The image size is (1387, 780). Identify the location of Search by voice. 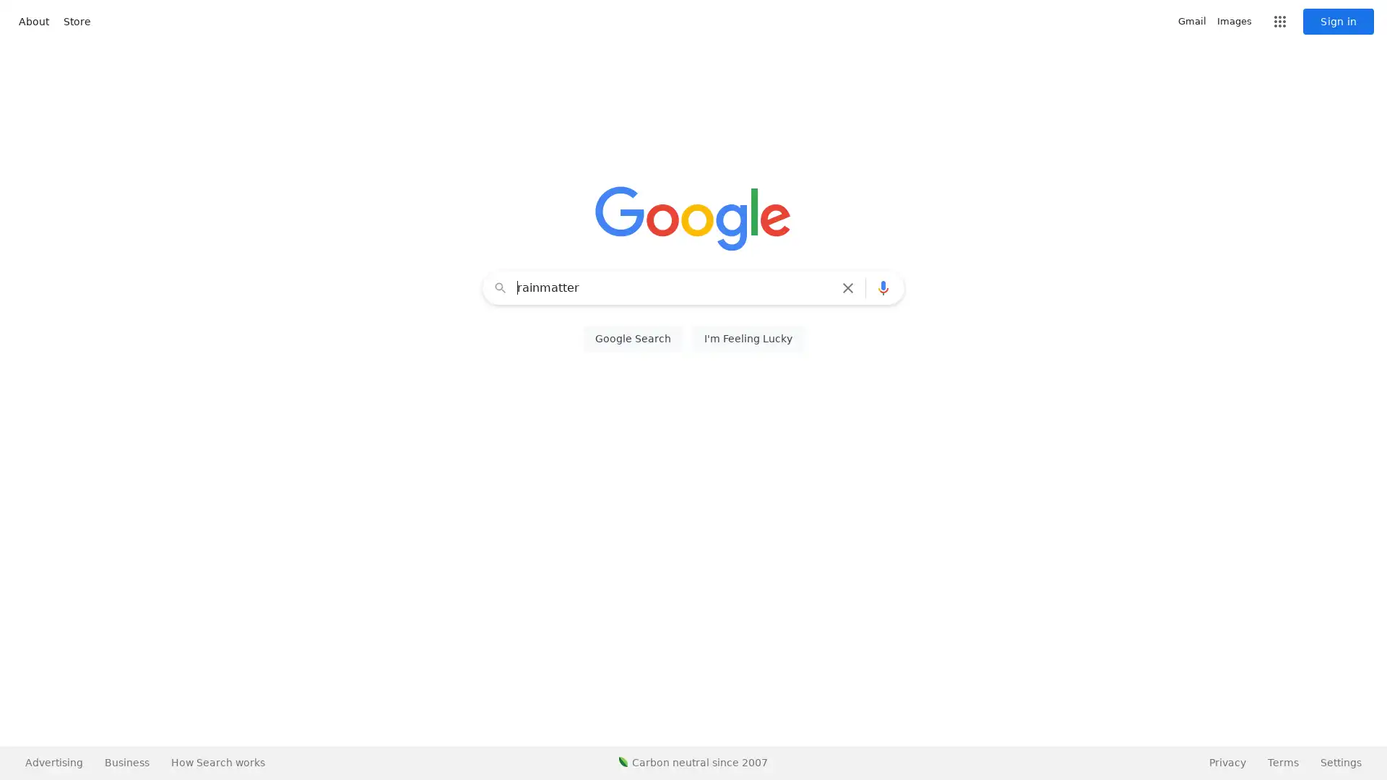
(883, 287).